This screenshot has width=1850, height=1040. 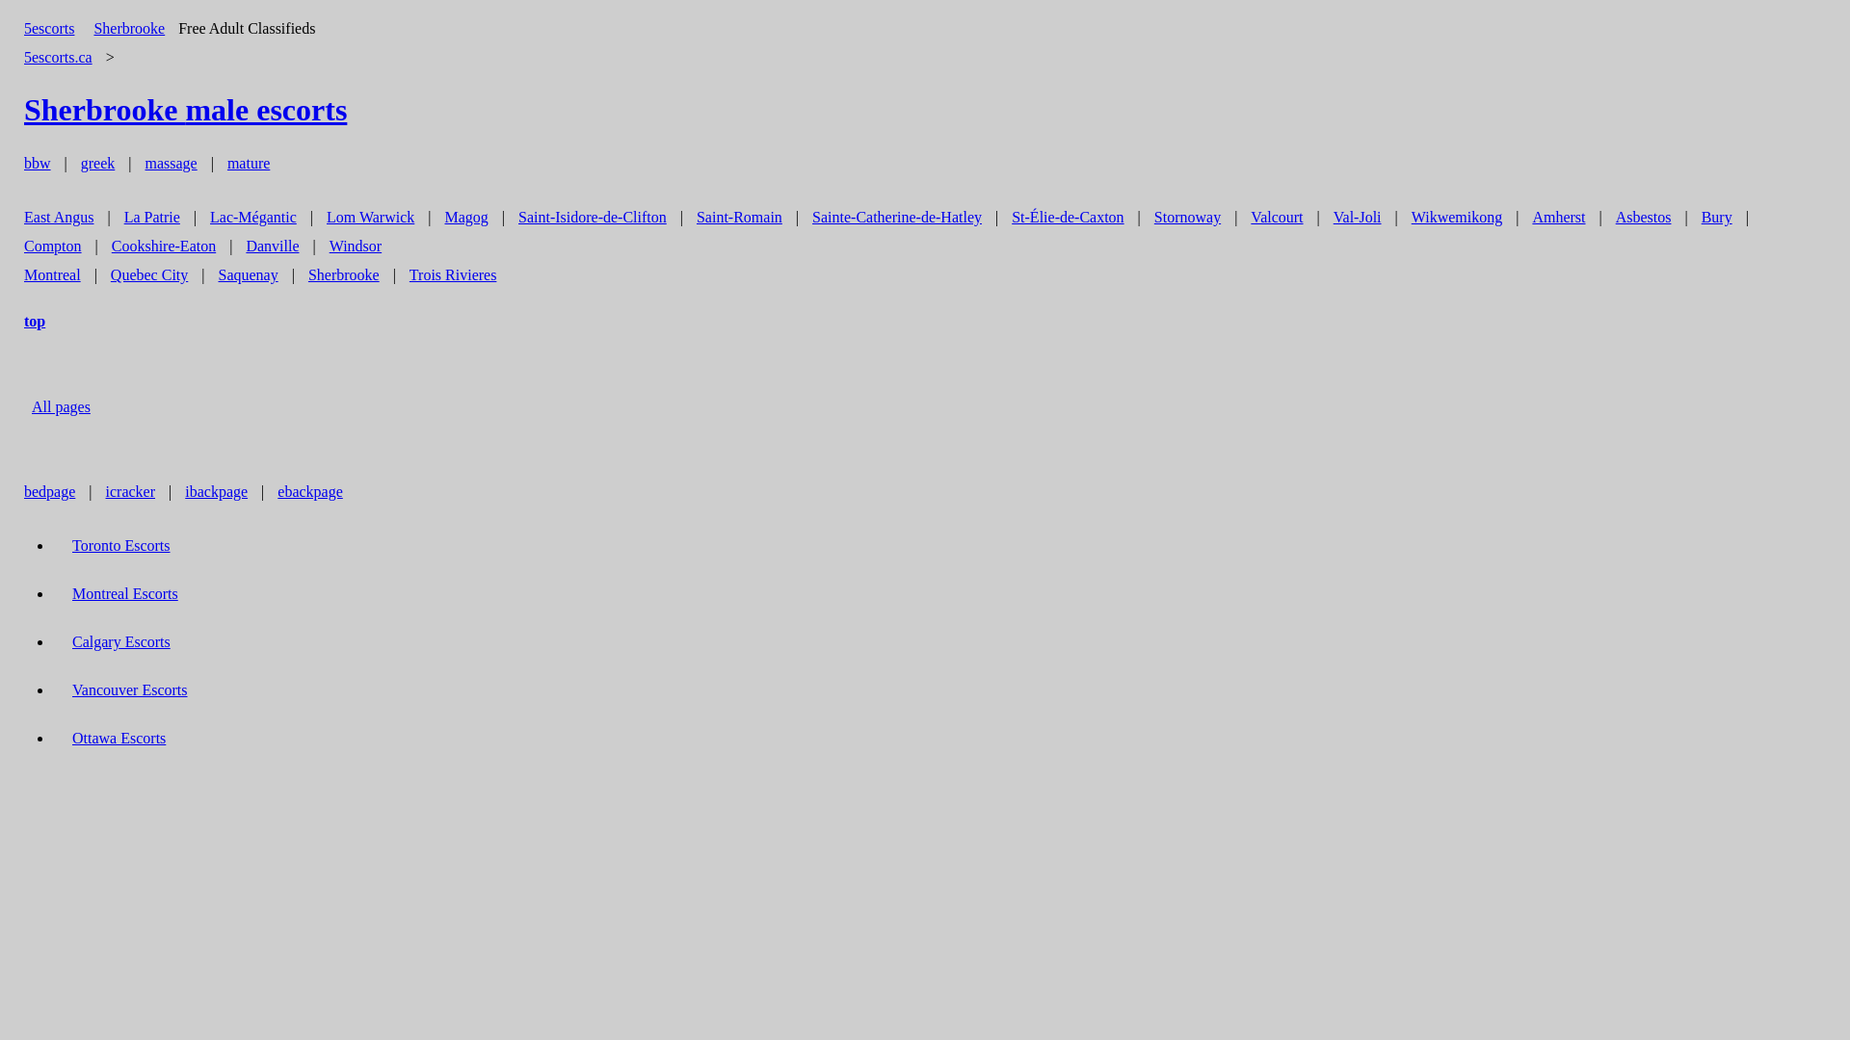 What do you see at coordinates (119, 545) in the screenshot?
I see `'Toronto Escorts'` at bounding box center [119, 545].